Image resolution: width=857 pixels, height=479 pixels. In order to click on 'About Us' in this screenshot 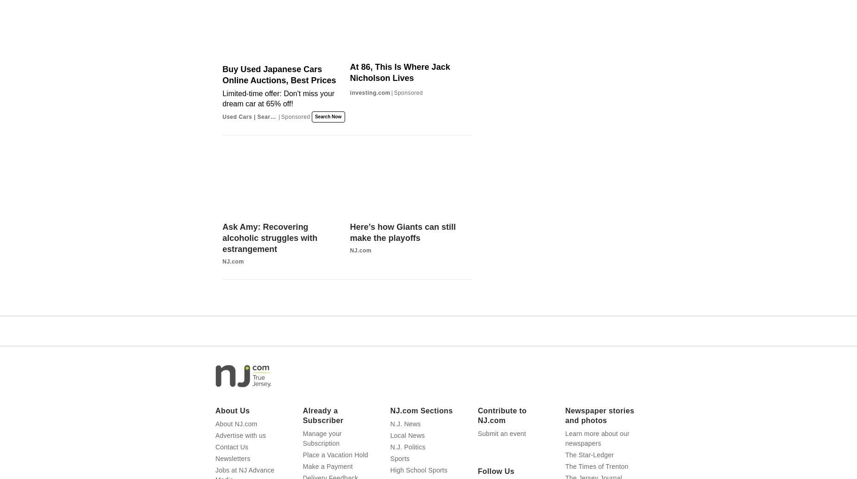, I will do `click(233, 410)`.